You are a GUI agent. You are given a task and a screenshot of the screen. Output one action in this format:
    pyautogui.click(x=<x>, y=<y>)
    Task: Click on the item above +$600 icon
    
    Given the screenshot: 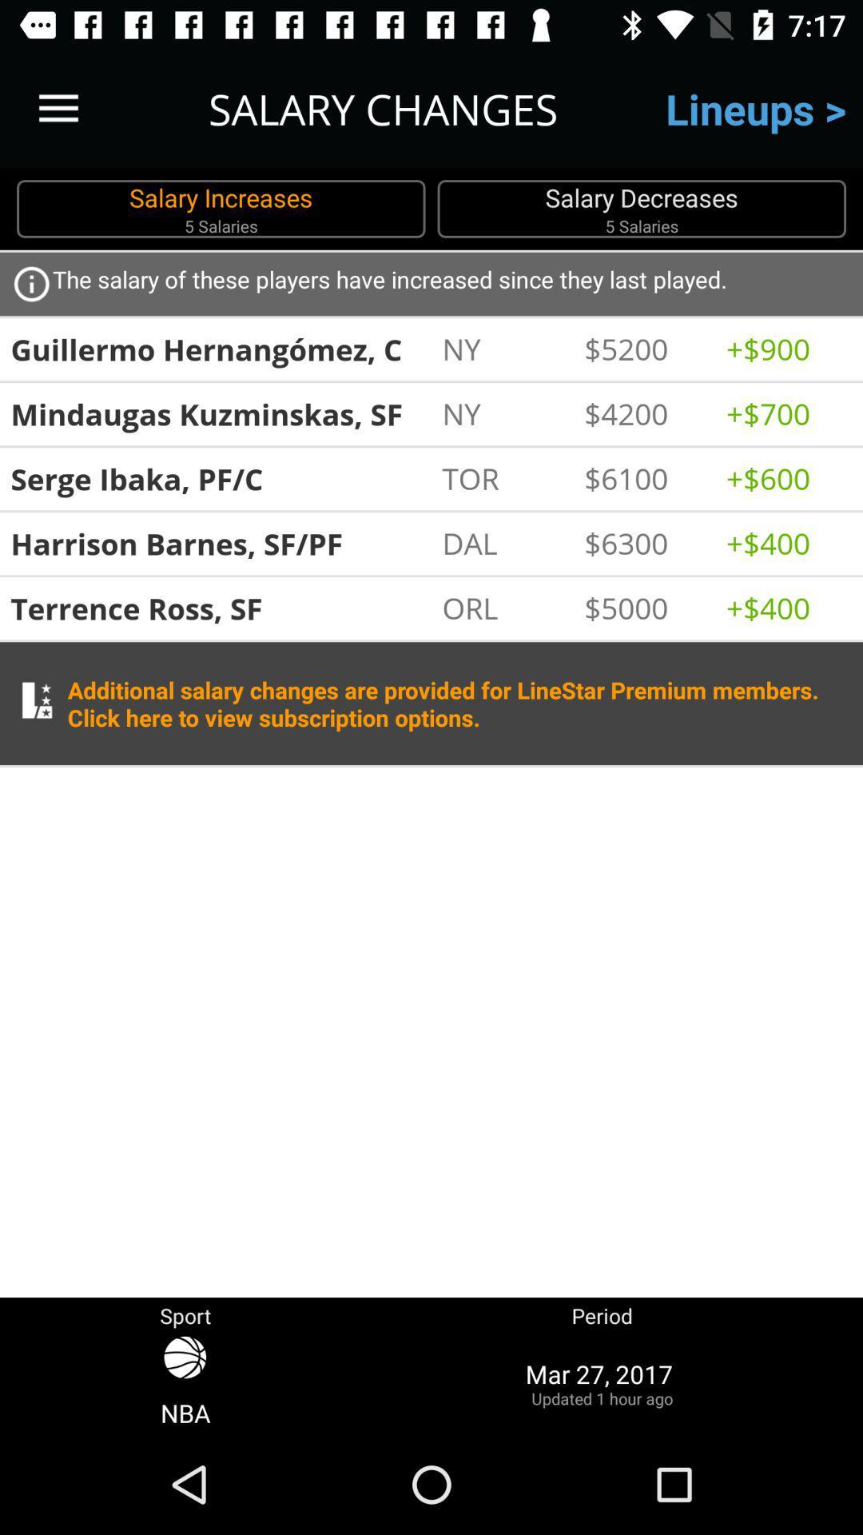 What is the action you would take?
    pyautogui.click(x=788, y=413)
    